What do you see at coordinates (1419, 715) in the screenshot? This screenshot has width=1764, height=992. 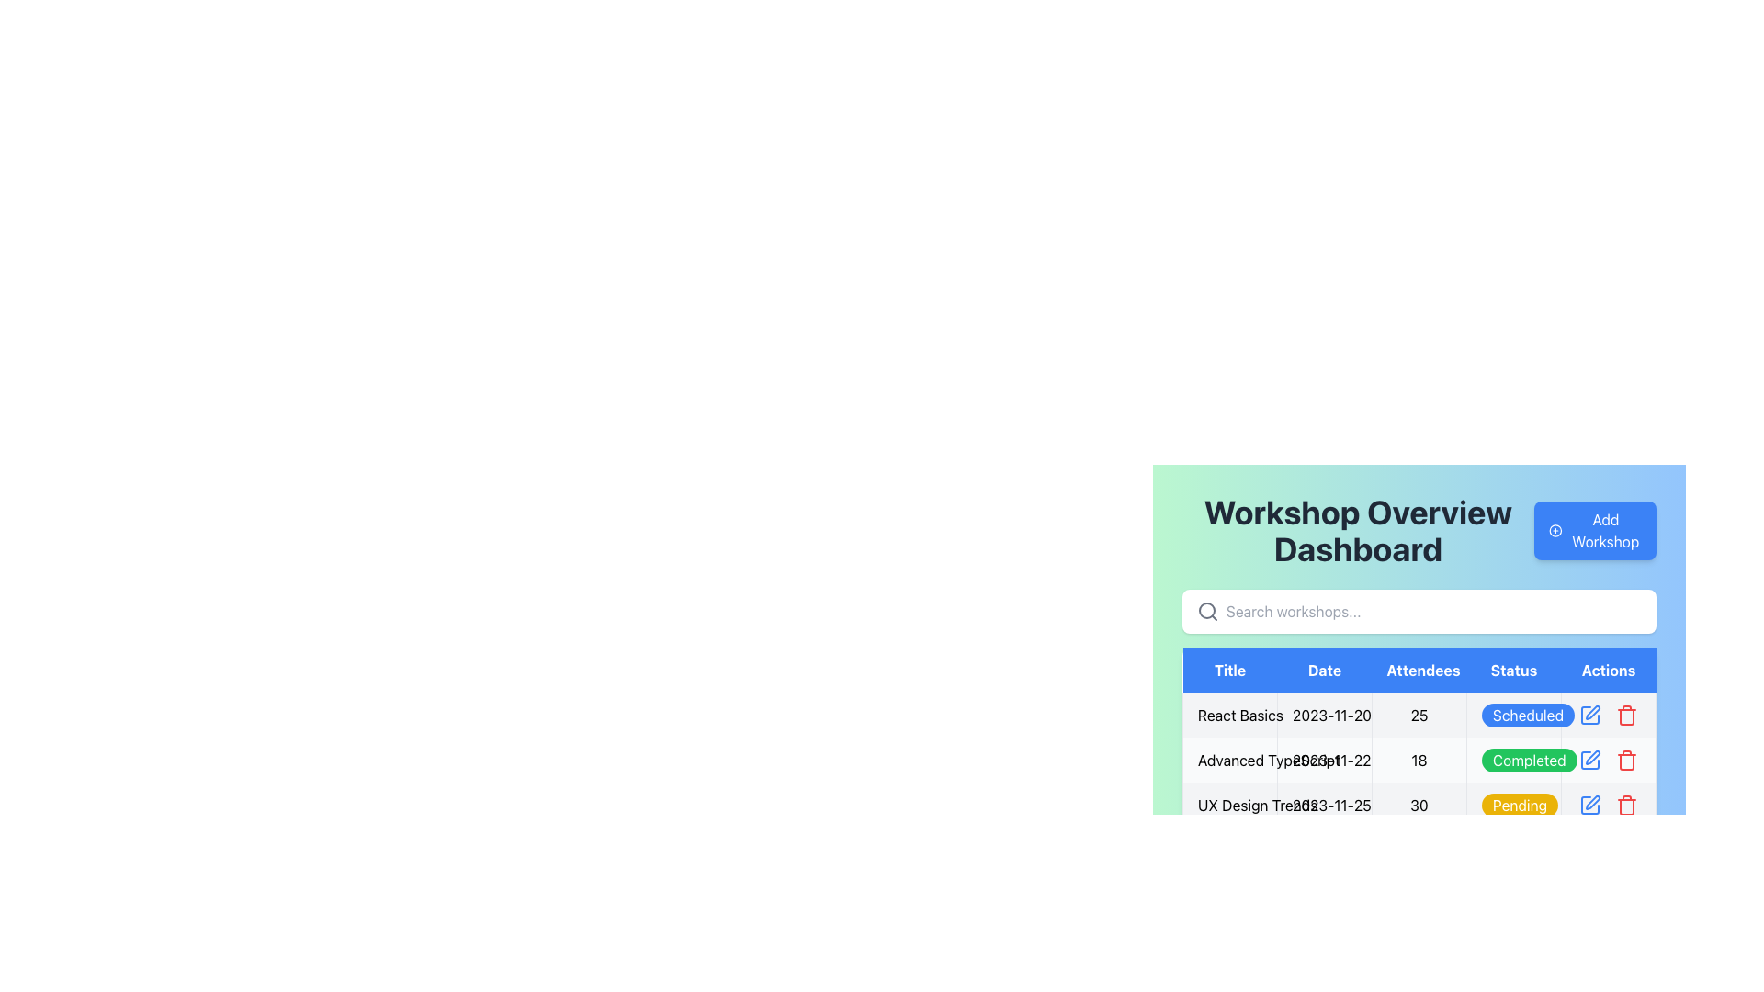 I see `the text label displaying the number of attendees for the 'React Basics' workshop on '2023-11-20', located in the 'Attendees' column` at bounding box center [1419, 715].